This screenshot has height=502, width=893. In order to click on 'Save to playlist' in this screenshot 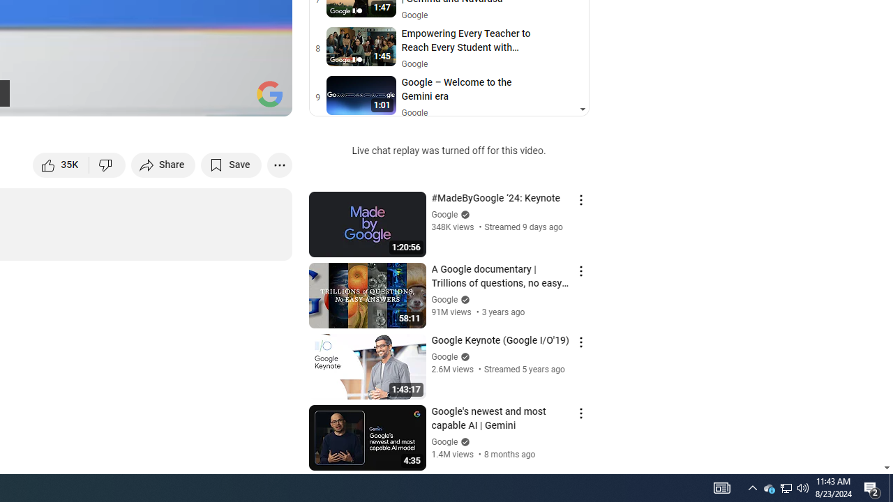, I will do `click(231, 164)`.